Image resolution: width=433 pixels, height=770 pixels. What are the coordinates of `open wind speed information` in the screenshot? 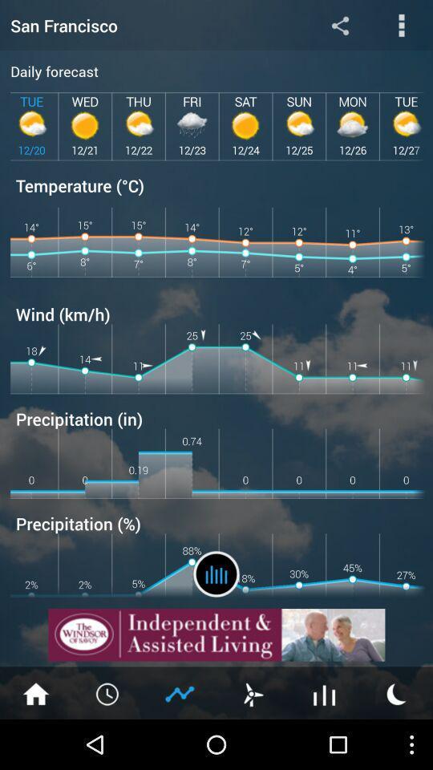 It's located at (252, 692).